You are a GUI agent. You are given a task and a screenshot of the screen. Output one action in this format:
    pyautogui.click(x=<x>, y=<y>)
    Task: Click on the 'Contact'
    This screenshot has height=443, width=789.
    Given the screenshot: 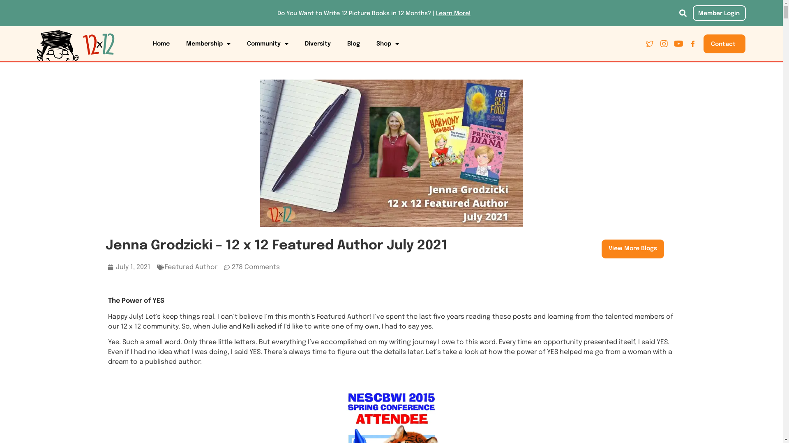 What is the action you would take?
    pyautogui.click(x=724, y=44)
    